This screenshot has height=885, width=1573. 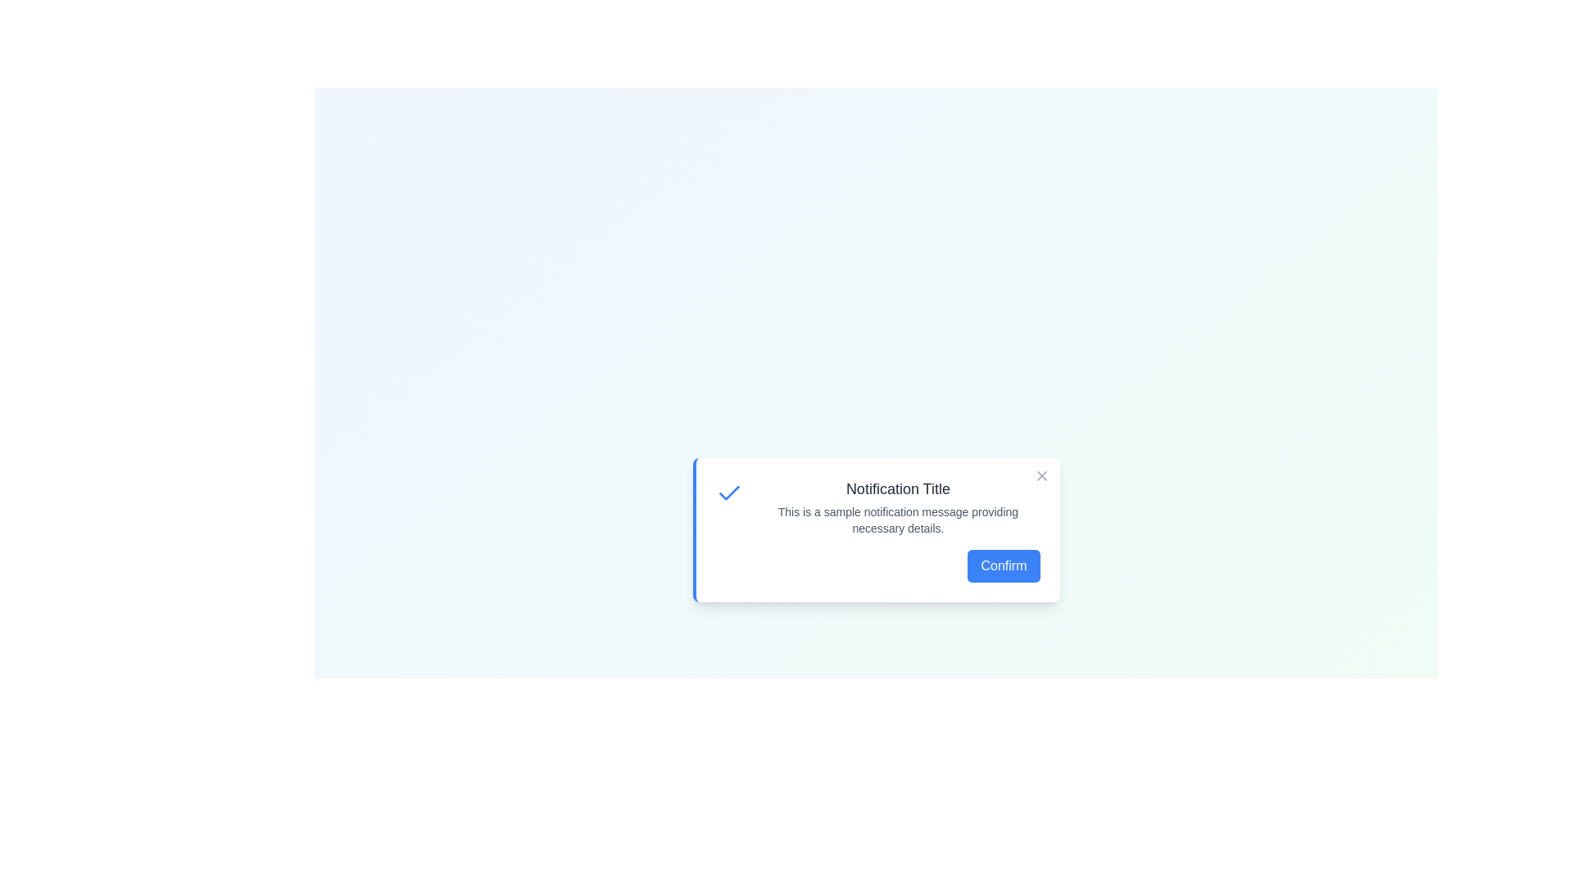 What do you see at coordinates (1040, 476) in the screenshot?
I see `the close button of the notification` at bounding box center [1040, 476].